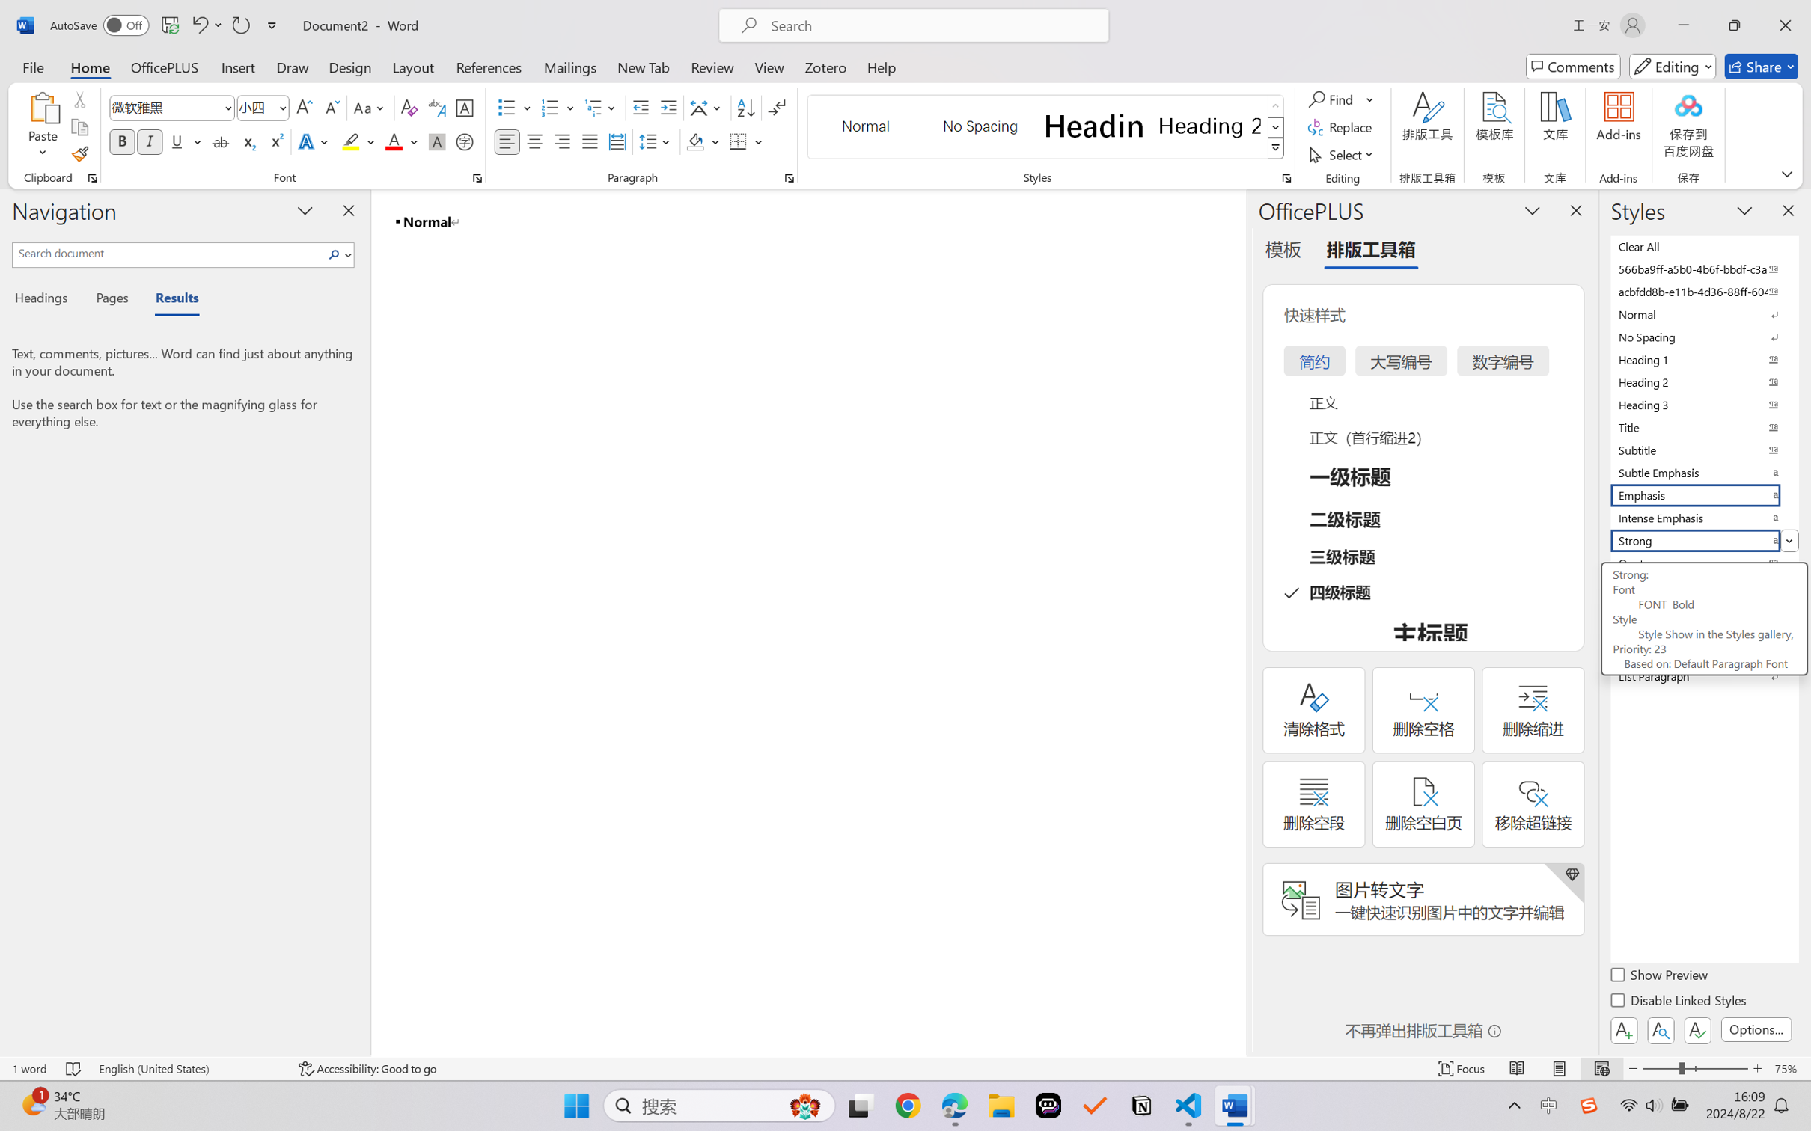  I want to click on 'Borders', so click(739, 141).